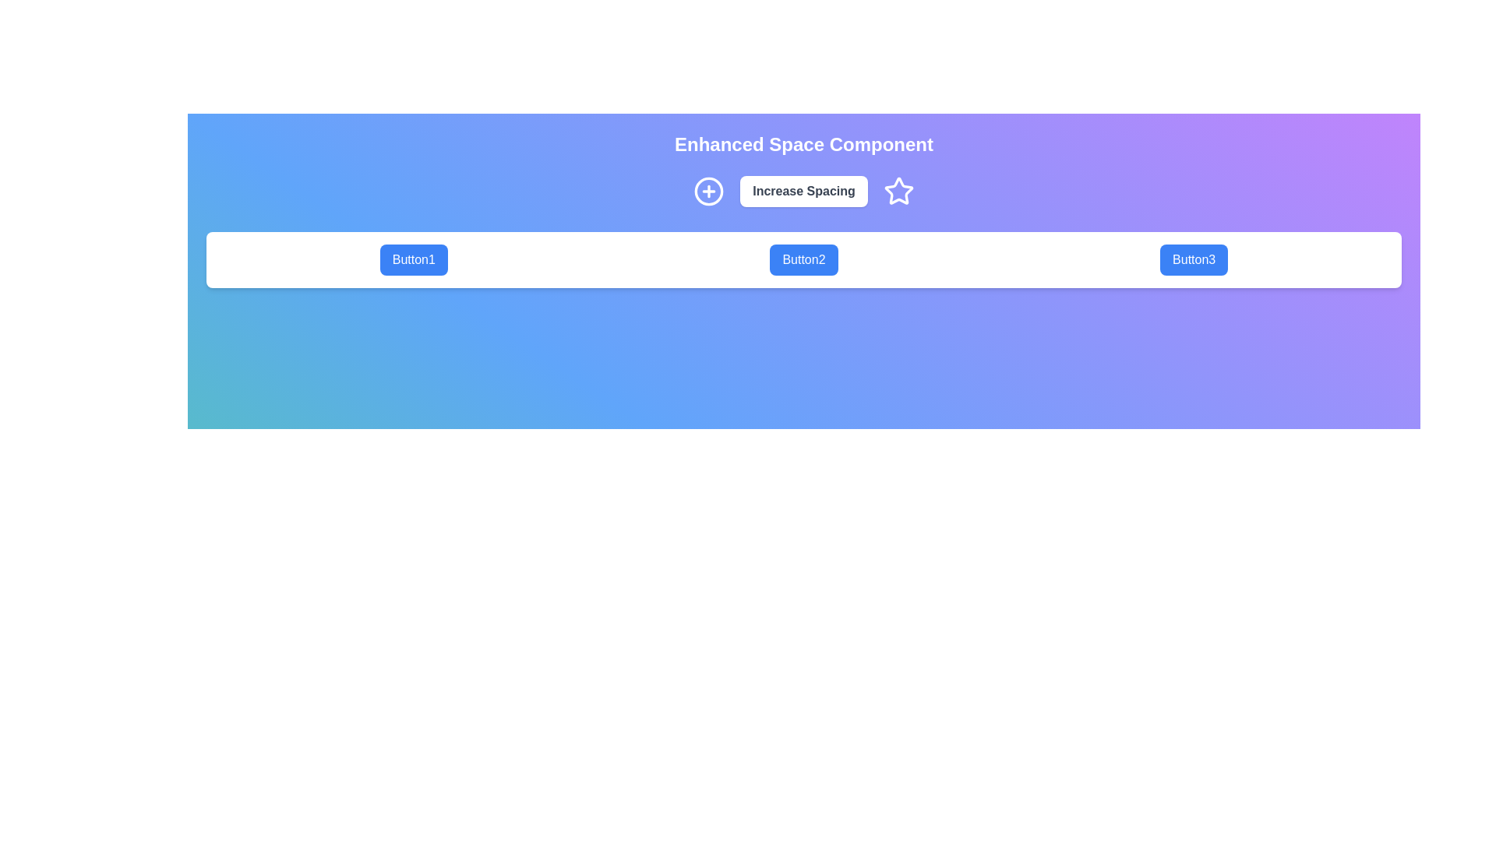 The width and height of the screenshot is (1496, 841). I want to click on the '+' button located to the left of the 'Increase Spacing' button, so click(708, 191).